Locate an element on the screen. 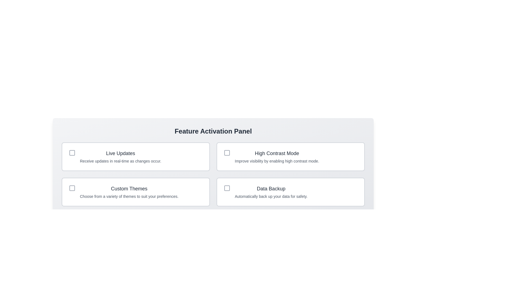 This screenshot has width=531, height=298. the Checkbox-like indicator located within the 'High Contrast Mode' card in the Feature Activation Panel is located at coordinates (227, 153).